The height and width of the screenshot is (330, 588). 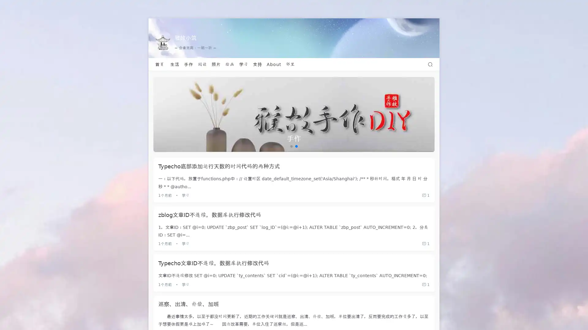 What do you see at coordinates (296, 146) in the screenshot?
I see `Go to slide 2` at bounding box center [296, 146].